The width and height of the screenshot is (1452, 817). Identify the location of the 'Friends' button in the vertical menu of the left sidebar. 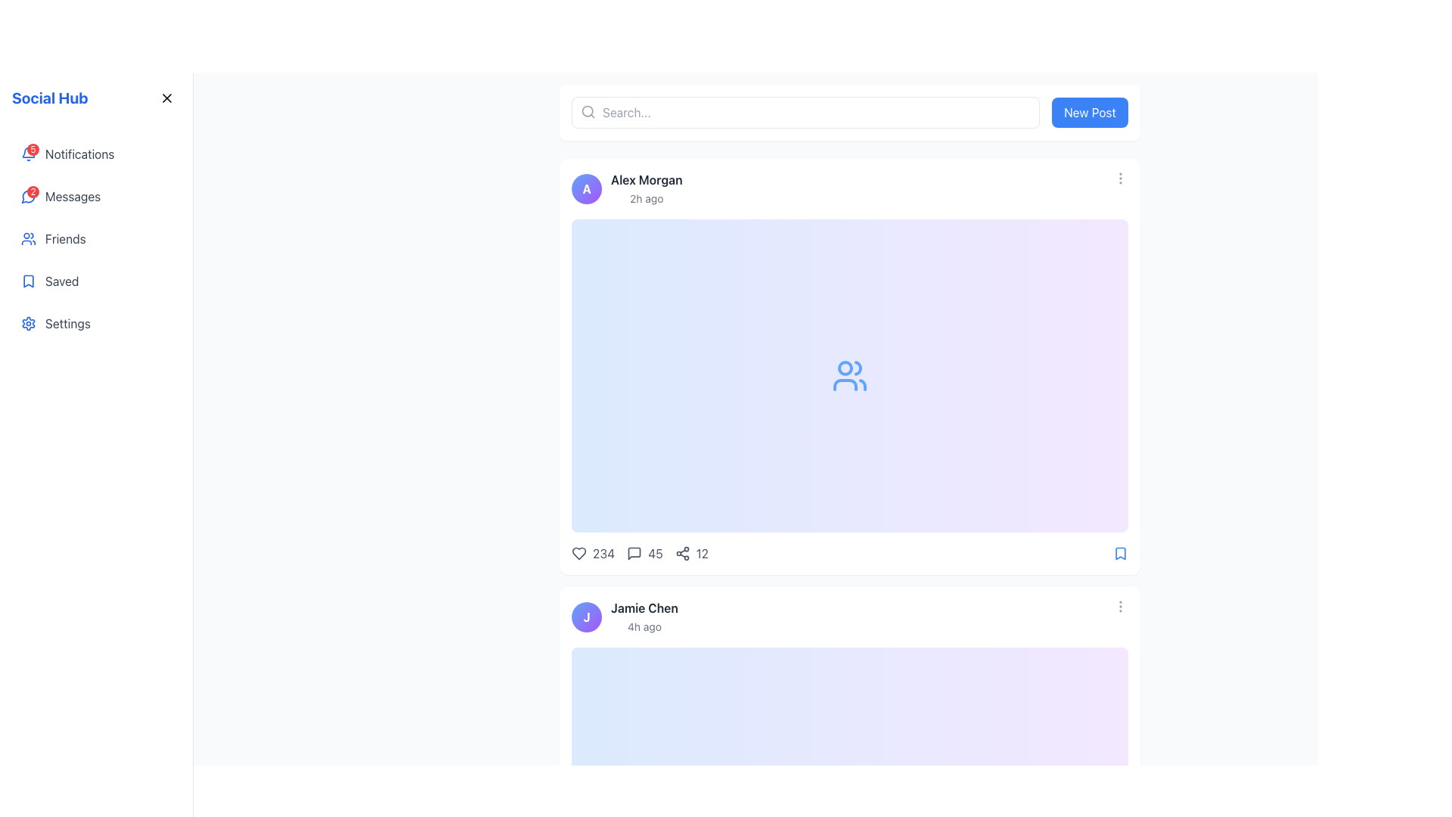
(95, 238).